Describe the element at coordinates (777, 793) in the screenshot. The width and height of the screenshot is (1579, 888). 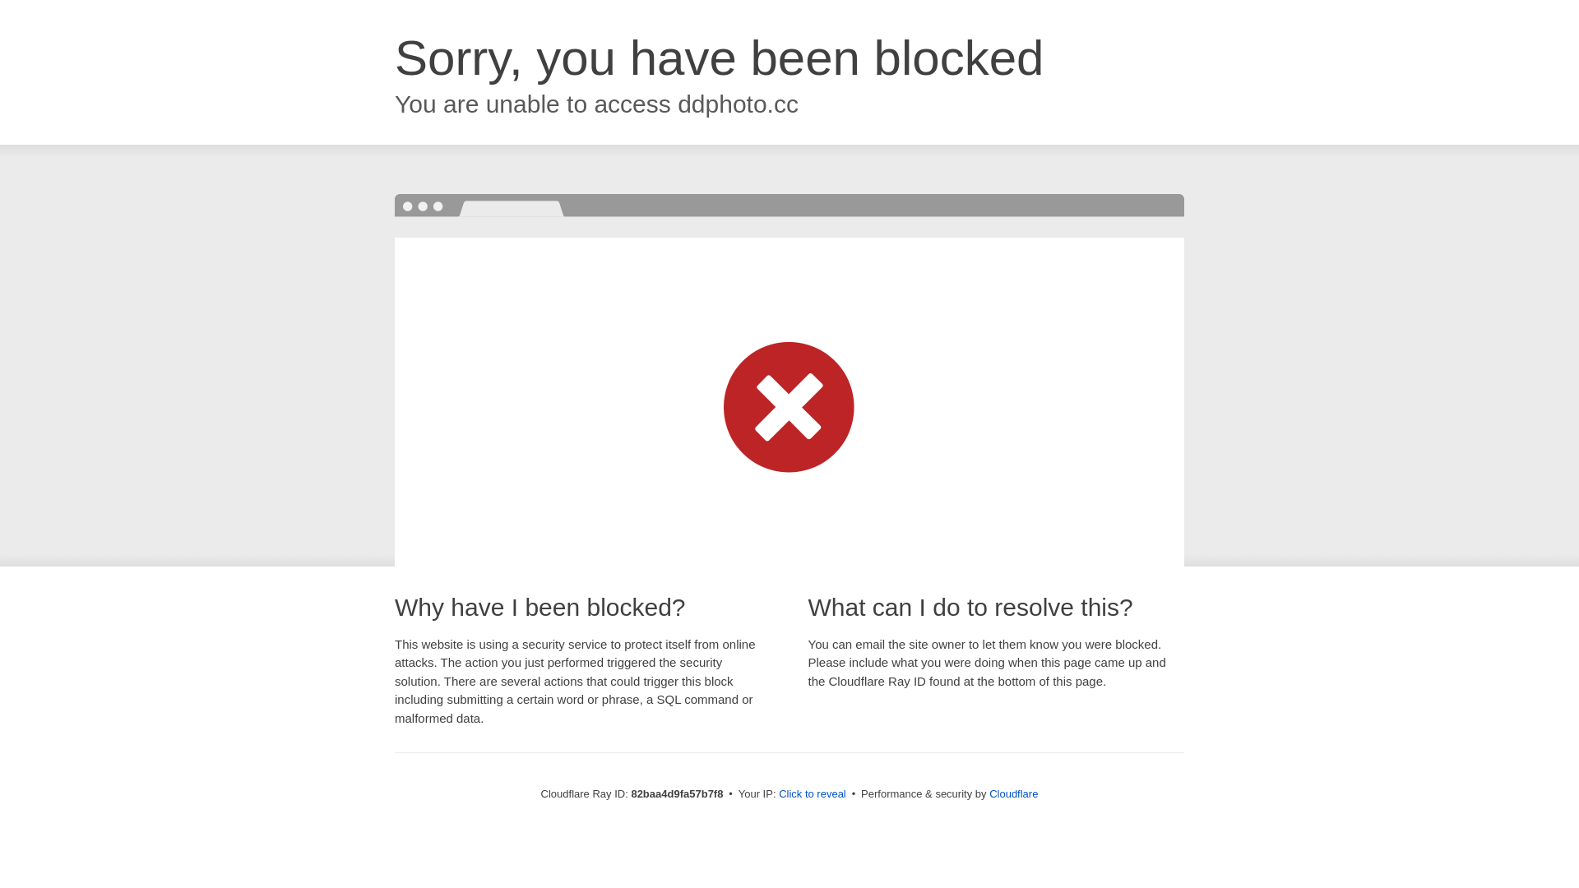
I see `'Click to reveal'` at that location.